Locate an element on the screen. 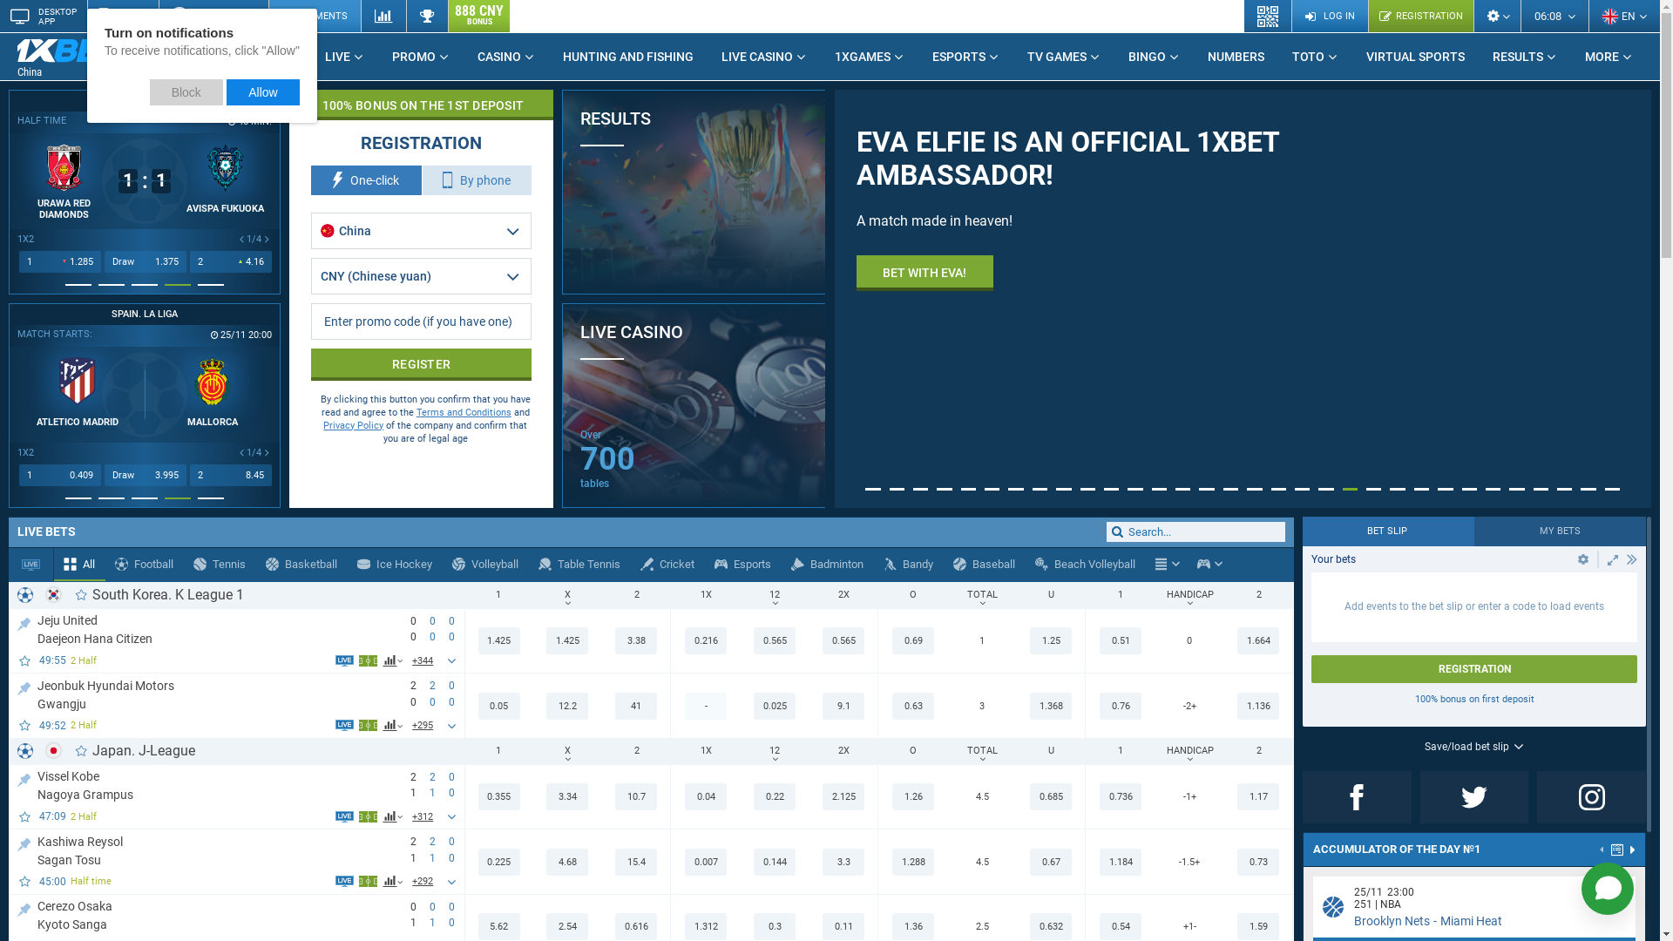 This screenshot has width=1673, height=941. 'Japan. J-League' is located at coordinates (143, 749).